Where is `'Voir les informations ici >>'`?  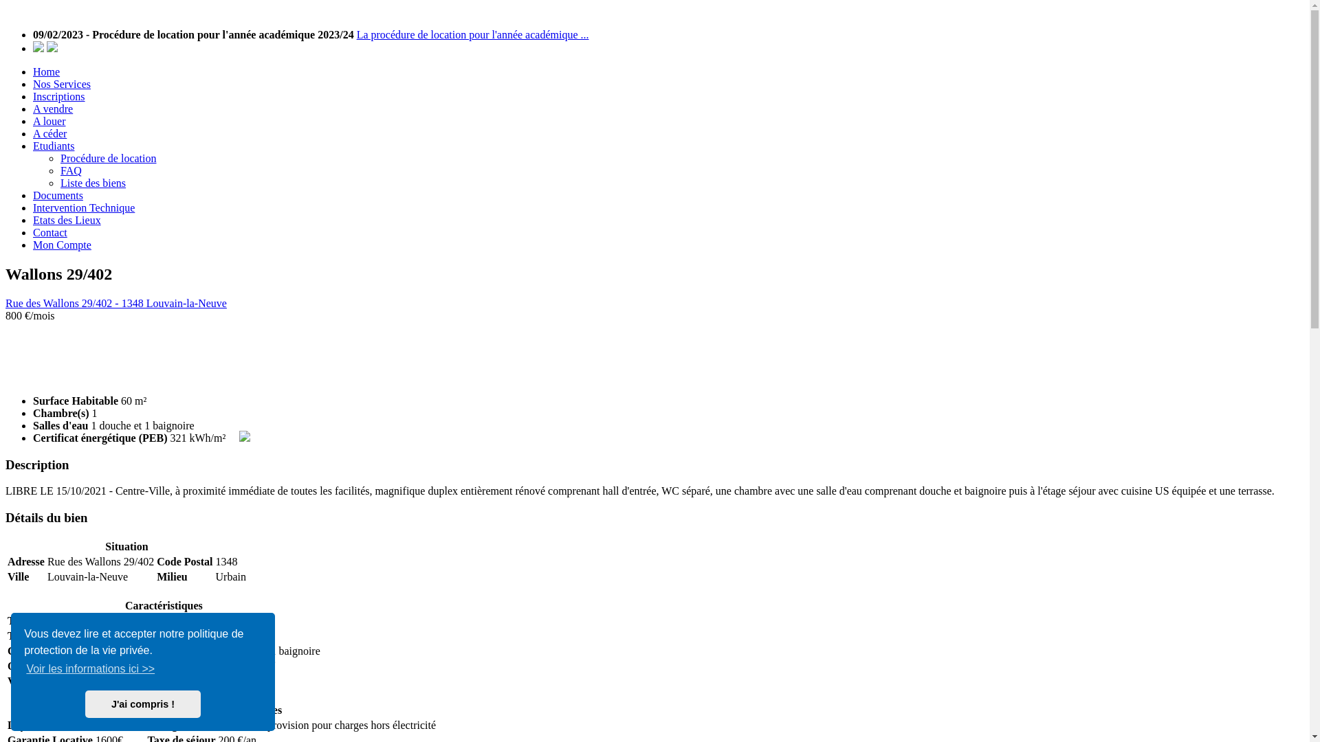
'Voir les informations ici >>' is located at coordinates (89, 668).